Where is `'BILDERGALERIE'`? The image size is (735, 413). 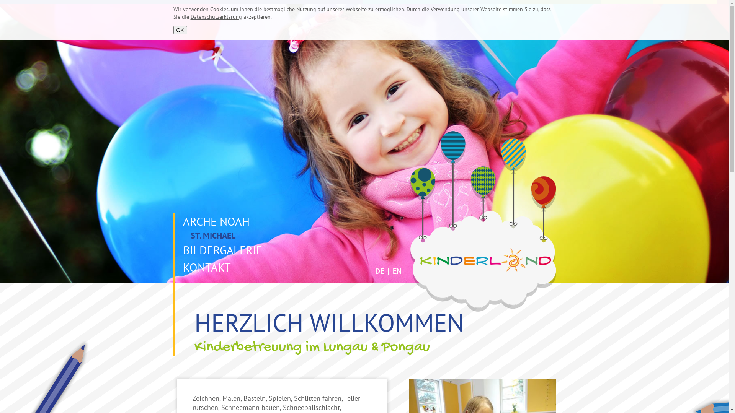
'BILDERGALERIE' is located at coordinates (175, 250).